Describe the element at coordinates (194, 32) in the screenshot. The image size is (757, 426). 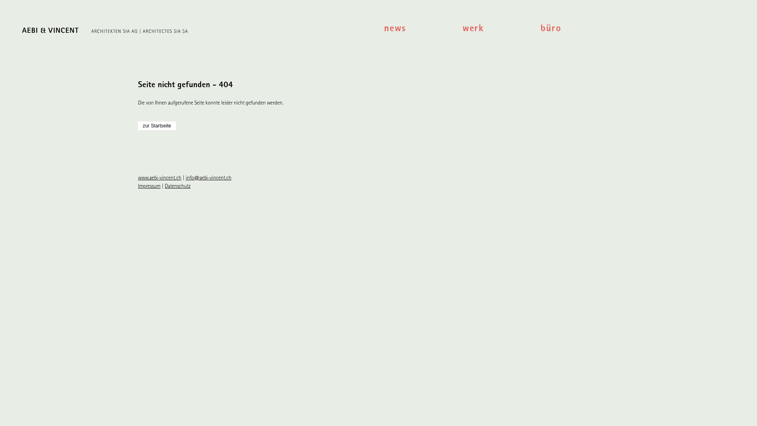
I see `'Logo: Aebi & Vincent Architekten SIA AG (Schriftzug)'` at that location.